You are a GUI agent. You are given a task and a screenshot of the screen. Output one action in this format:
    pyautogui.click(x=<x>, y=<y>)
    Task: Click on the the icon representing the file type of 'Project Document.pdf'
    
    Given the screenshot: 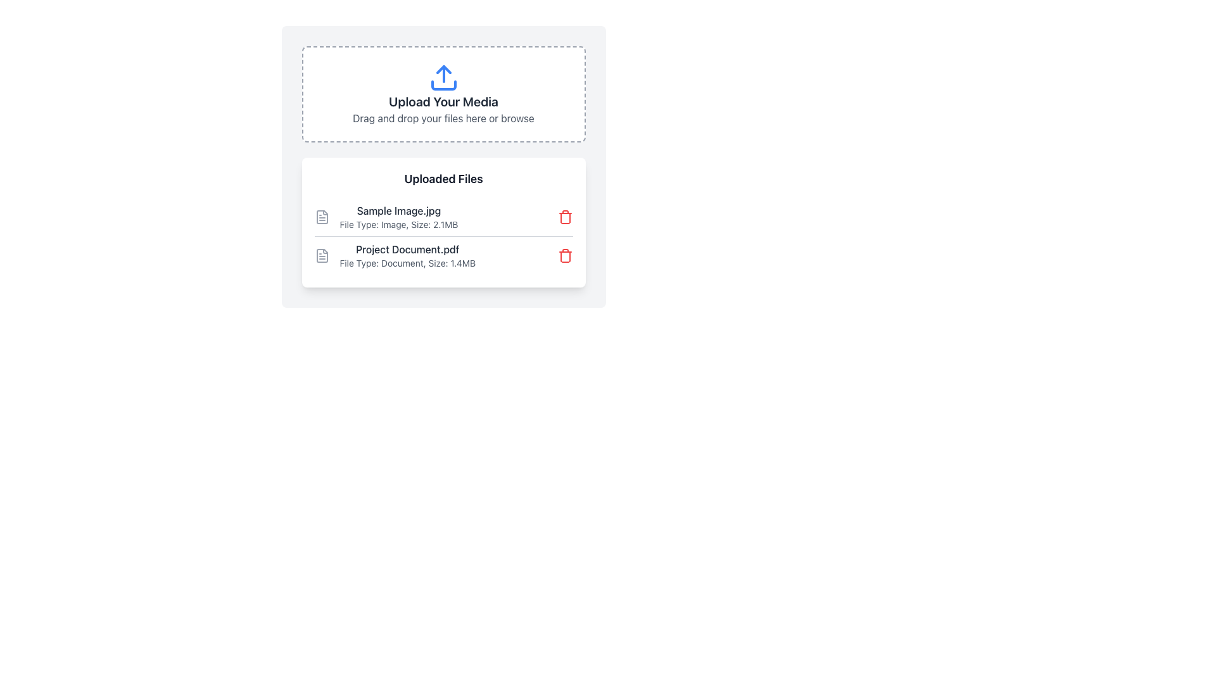 What is the action you would take?
    pyautogui.click(x=322, y=256)
    